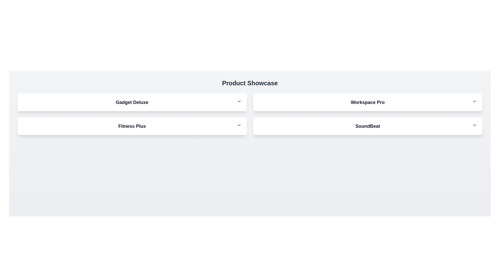 Image resolution: width=498 pixels, height=280 pixels. Describe the element at coordinates (250, 83) in the screenshot. I see `the header text element that indicates the purpose of the section showcasing products, located at the top of the visible section` at that location.